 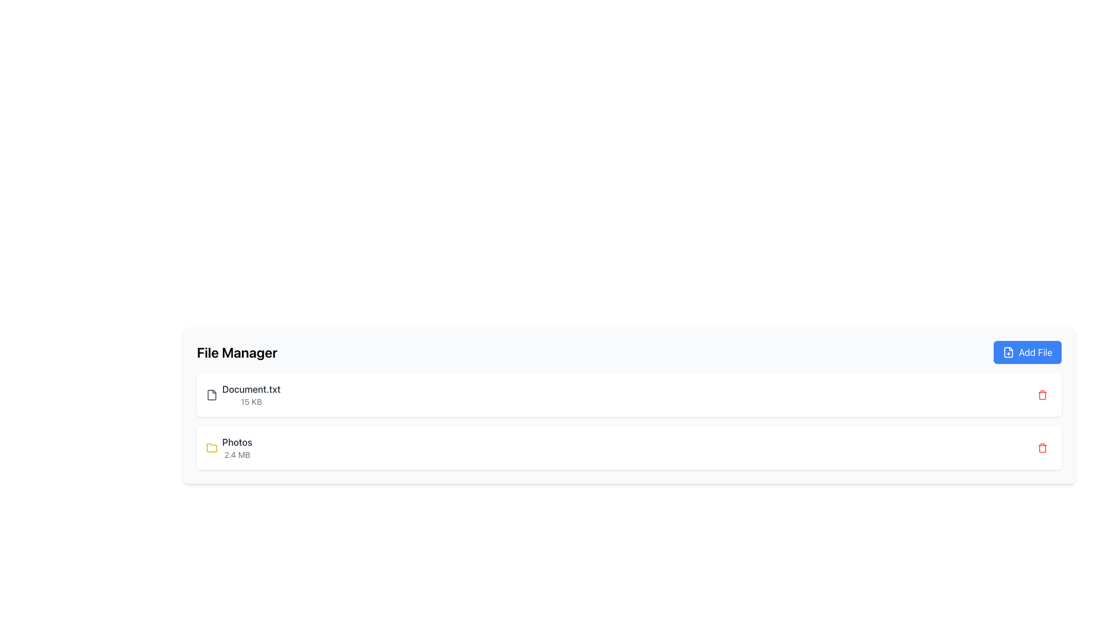 What do you see at coordinates (1042, 395) in the screenshot?
I see `the red trash bin icon button located in the top-right corner of the 'Photos' item row` at bounding box center [1042, 395].